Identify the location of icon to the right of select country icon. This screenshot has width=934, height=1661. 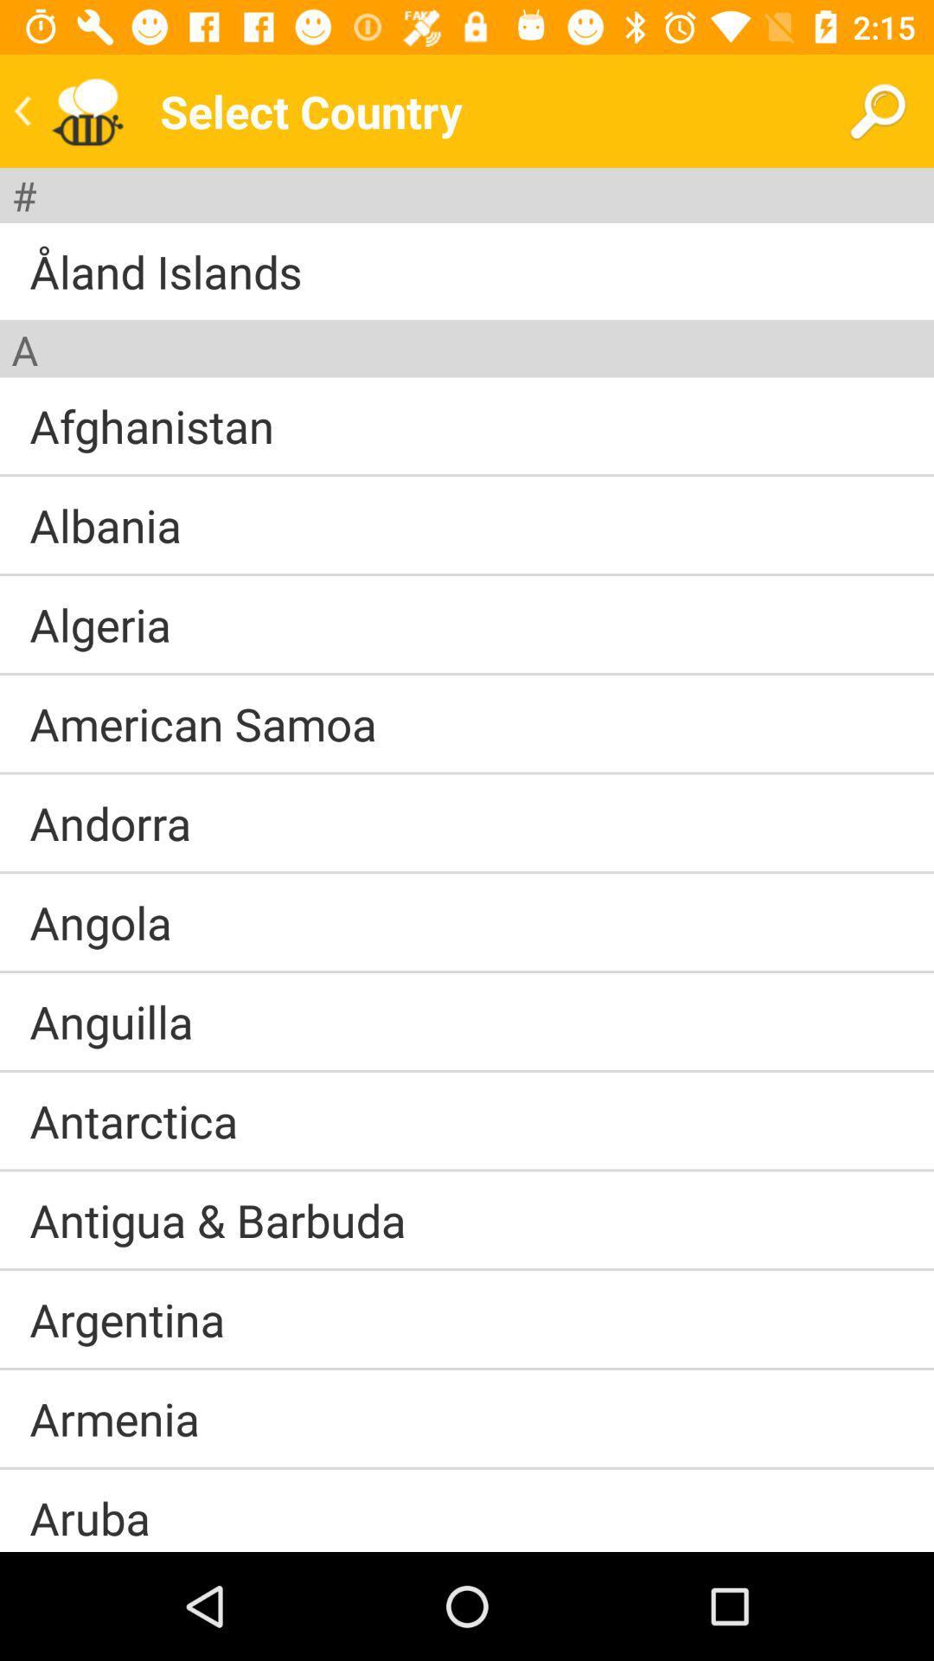
(877, 110).